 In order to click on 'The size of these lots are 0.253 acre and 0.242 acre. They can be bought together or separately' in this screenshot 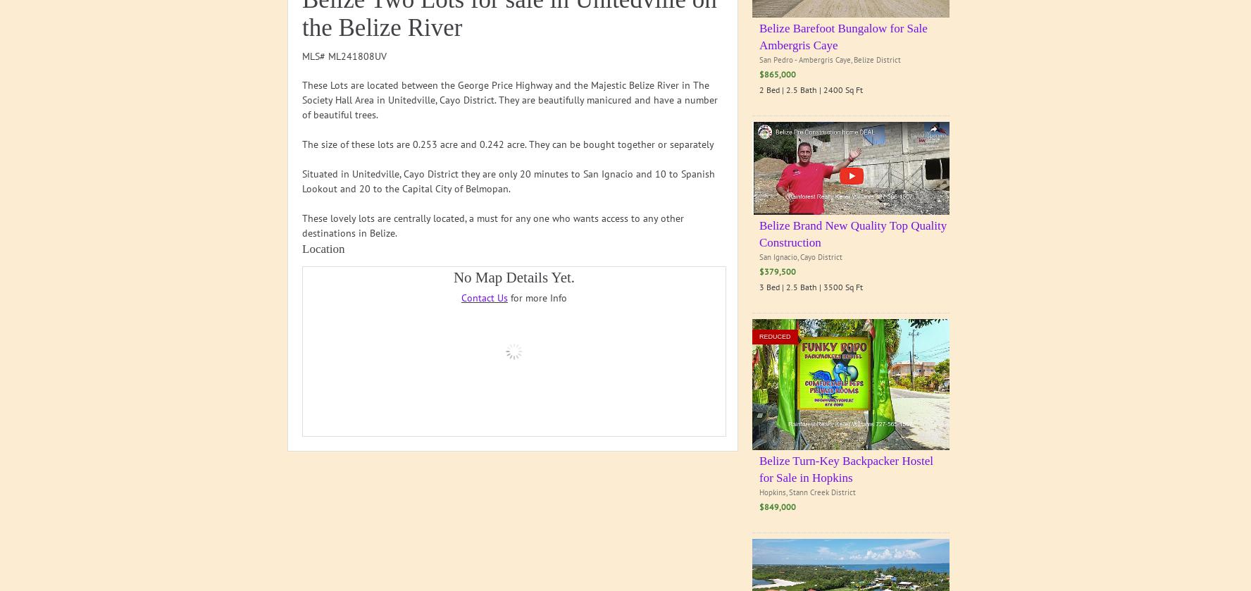, I will do `click(508, 144)`.